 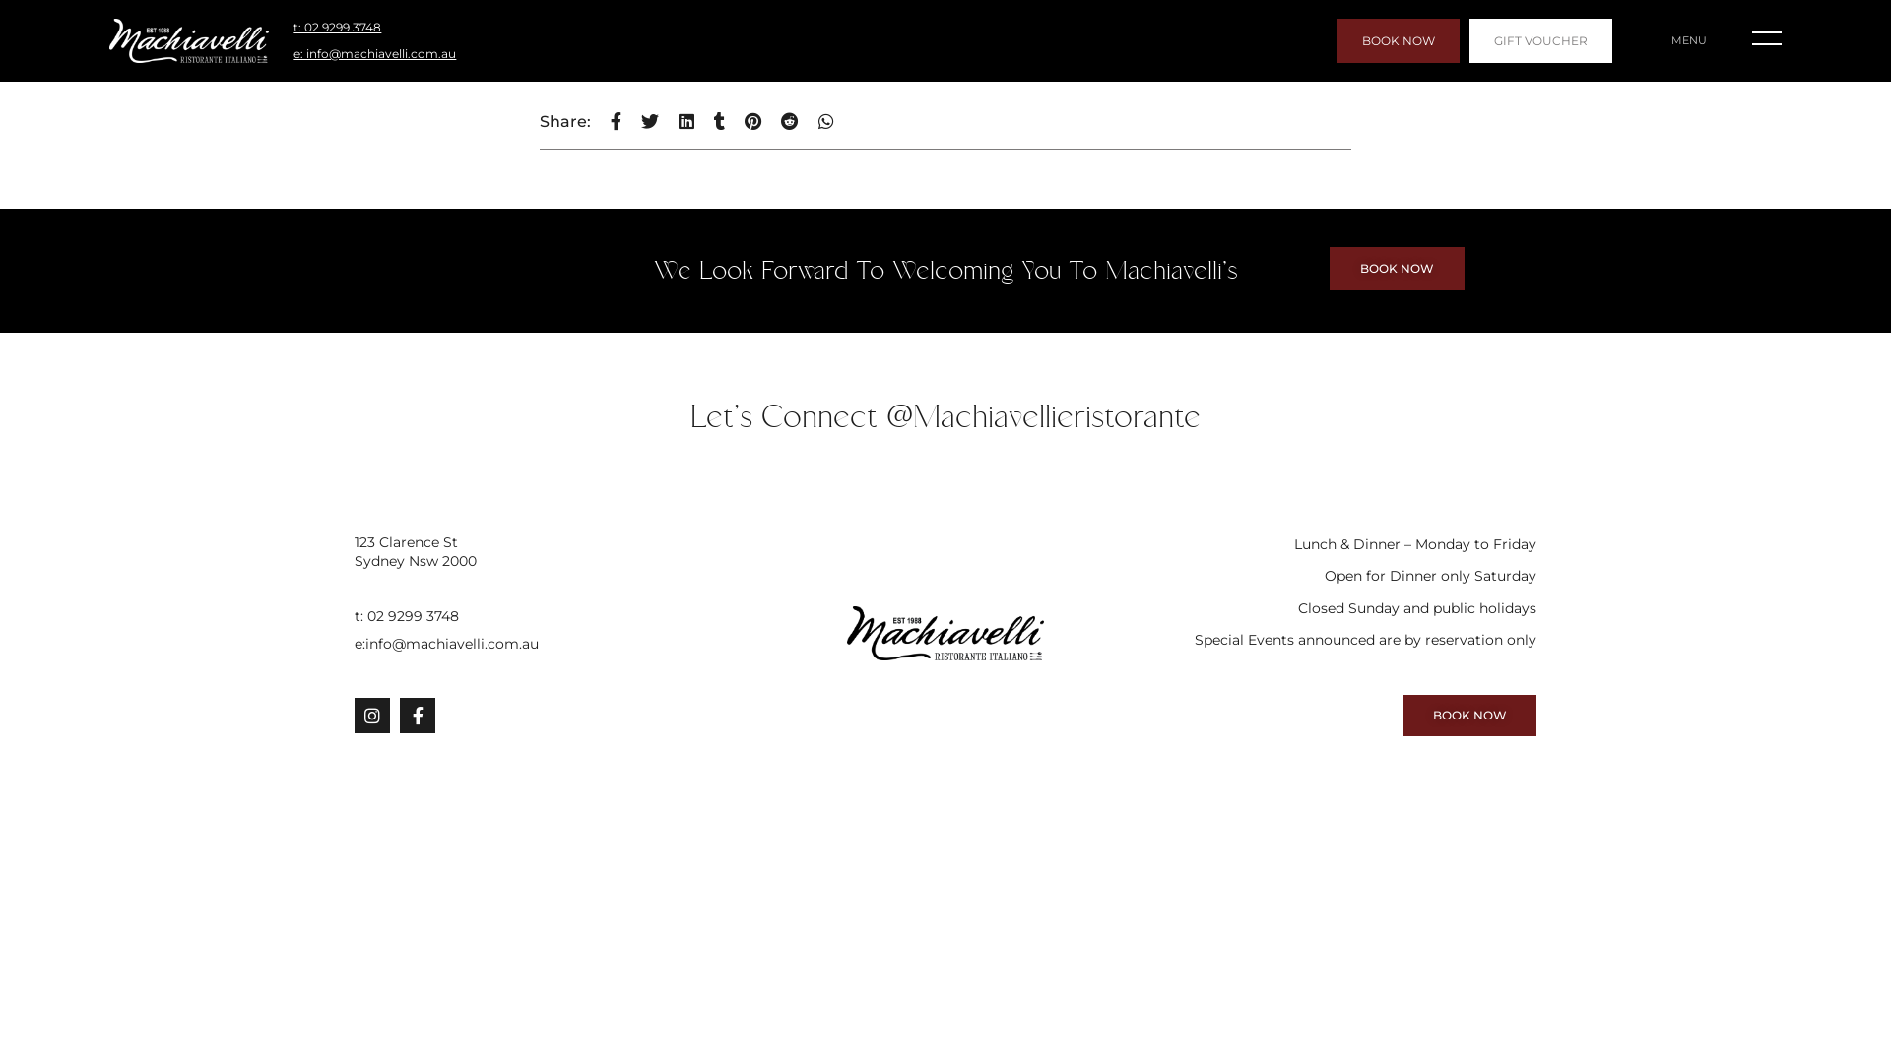 I want to click on '123 Clarence St, so click(x=545, y=550).